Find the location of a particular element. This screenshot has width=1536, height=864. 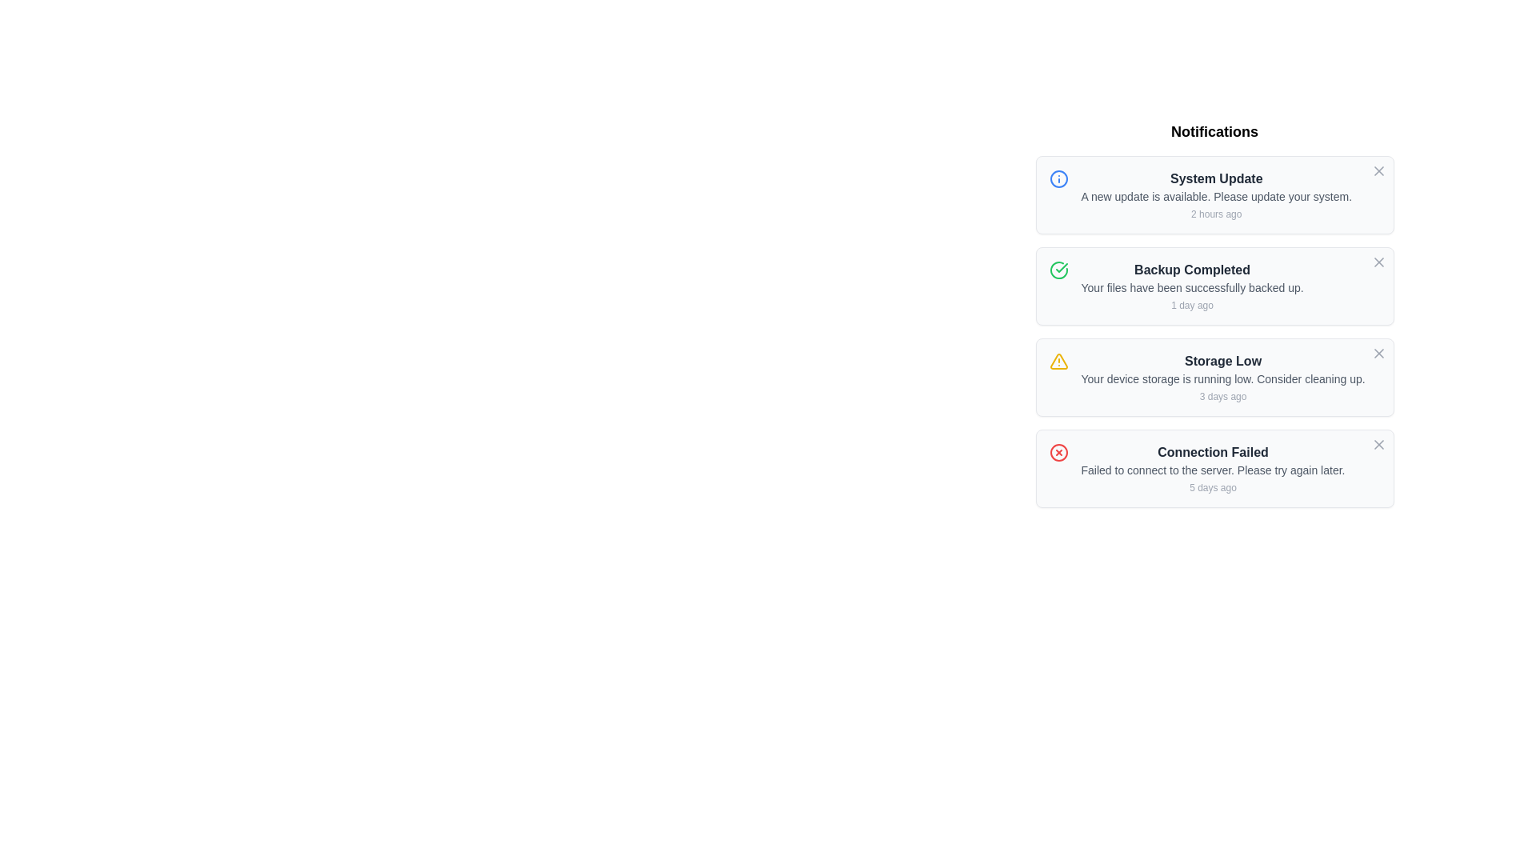

the notification titled 'Backup Completed' which is the second item in the Notifications list is located at coordinates (1214, 314).